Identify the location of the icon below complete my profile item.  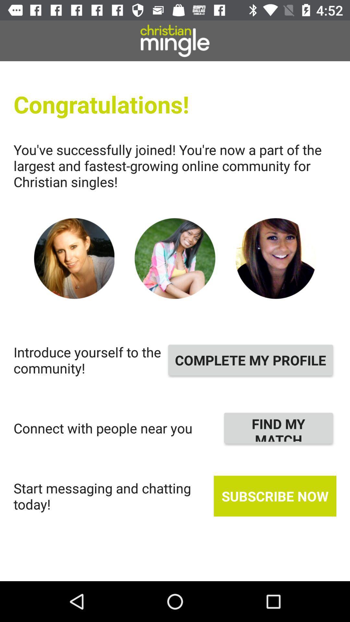
(278, 428).